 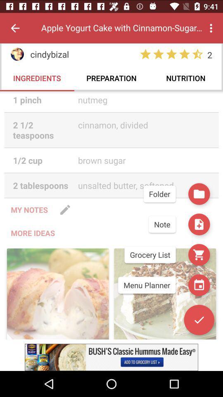 I want to click on the date_range icon, so click(x=199, y=285).